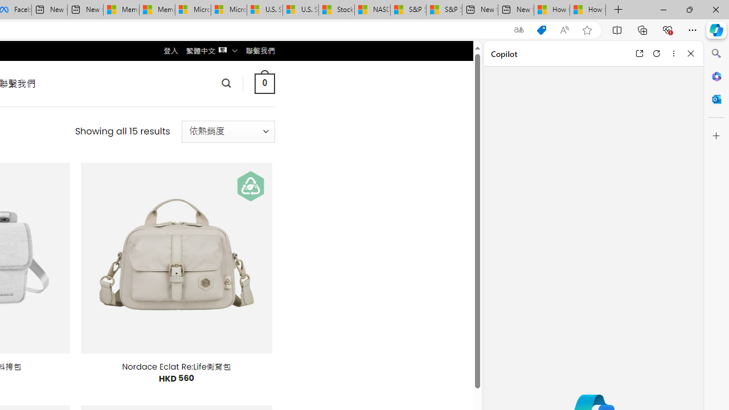 This screenshot has height=410, width=729. What do you see at coordinates (716, 99) in the screenshot?
I see `'Outlook'` at bounding box center [716, 99].